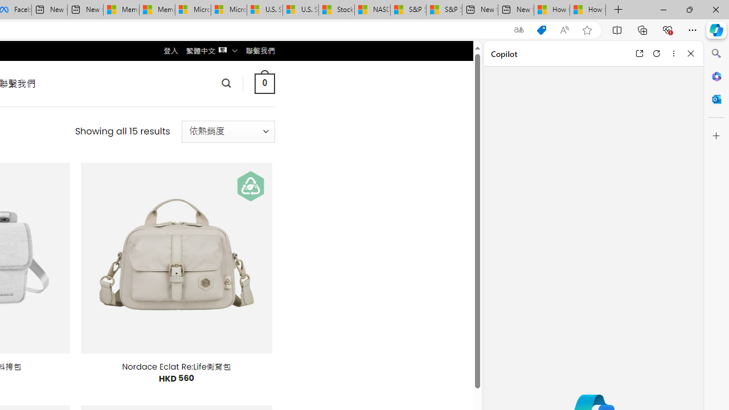 This screenshot has height=410, width=729. What do you see at coordinates (716, 99) in the screenshot?
I see `'Outlook'` at bounding box center [716, 99].